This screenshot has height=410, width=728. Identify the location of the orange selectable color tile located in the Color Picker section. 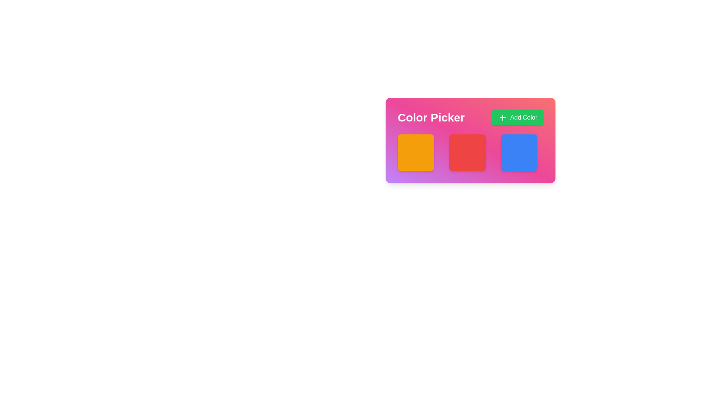
(416, 152).